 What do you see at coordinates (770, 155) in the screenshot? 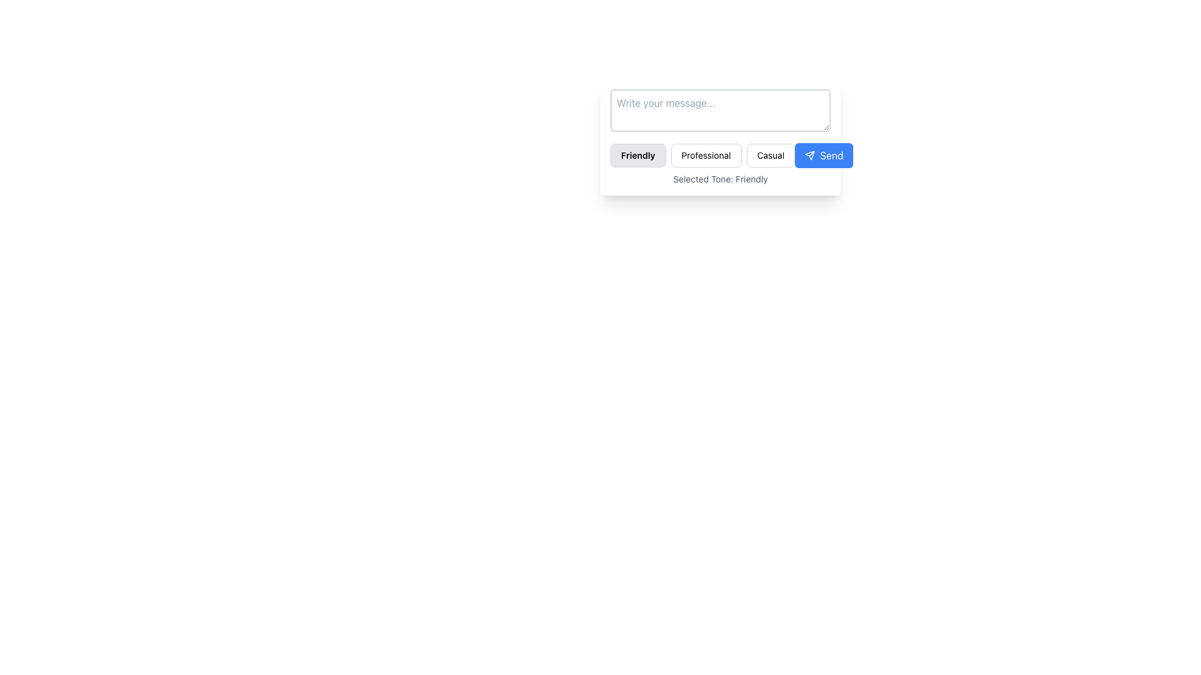
I see `the 'Casual' button` at bounding box center [770, 155].